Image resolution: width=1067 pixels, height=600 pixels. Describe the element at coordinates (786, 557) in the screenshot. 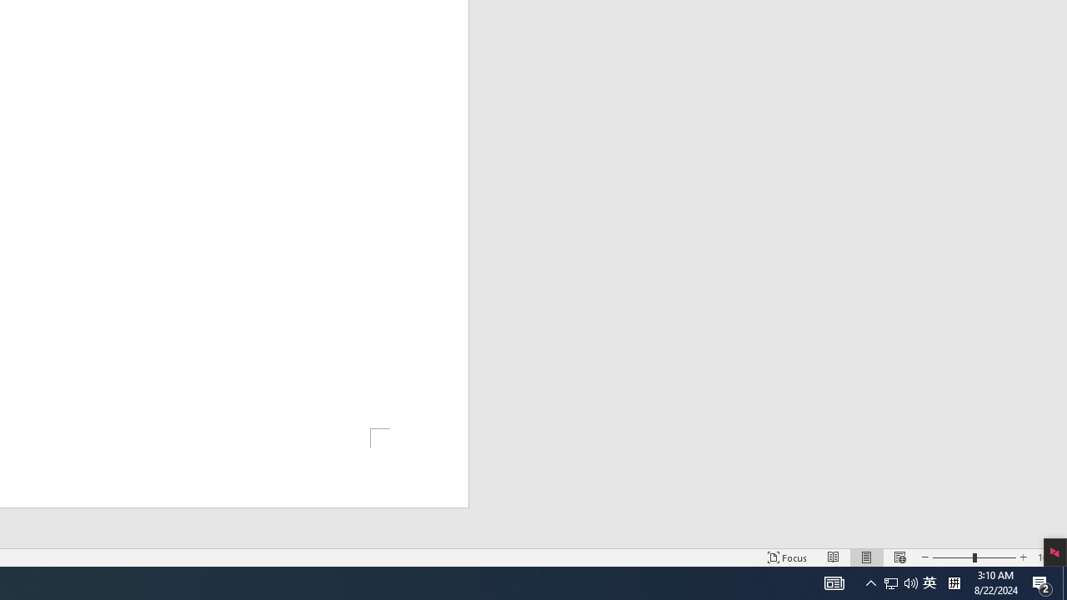

I see `'Focus '` at that location.